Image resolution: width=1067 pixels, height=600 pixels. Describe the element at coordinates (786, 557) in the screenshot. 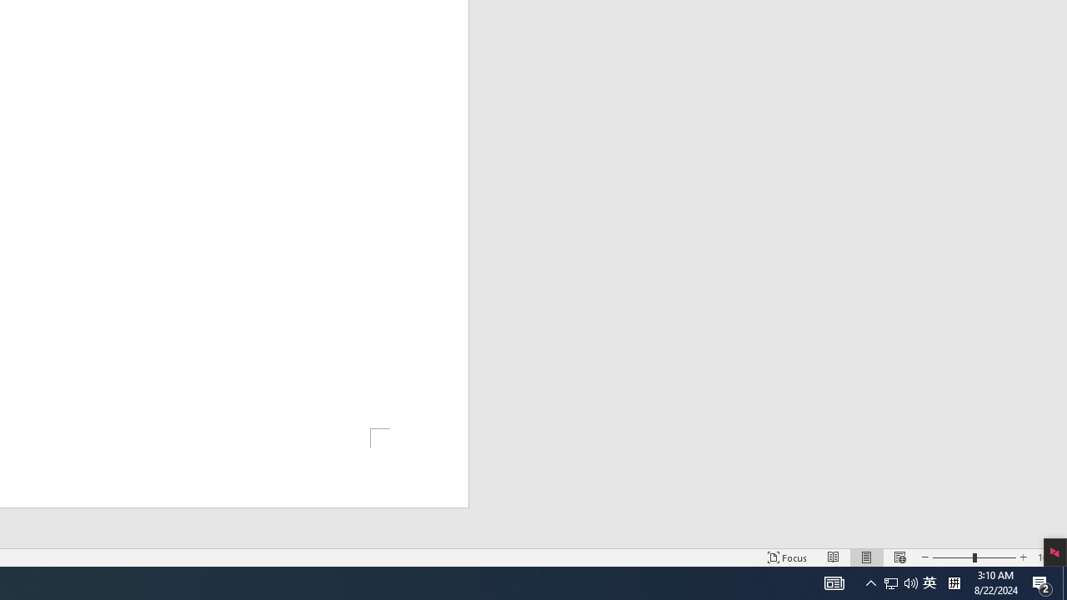

I see `'Focus '` at that location.